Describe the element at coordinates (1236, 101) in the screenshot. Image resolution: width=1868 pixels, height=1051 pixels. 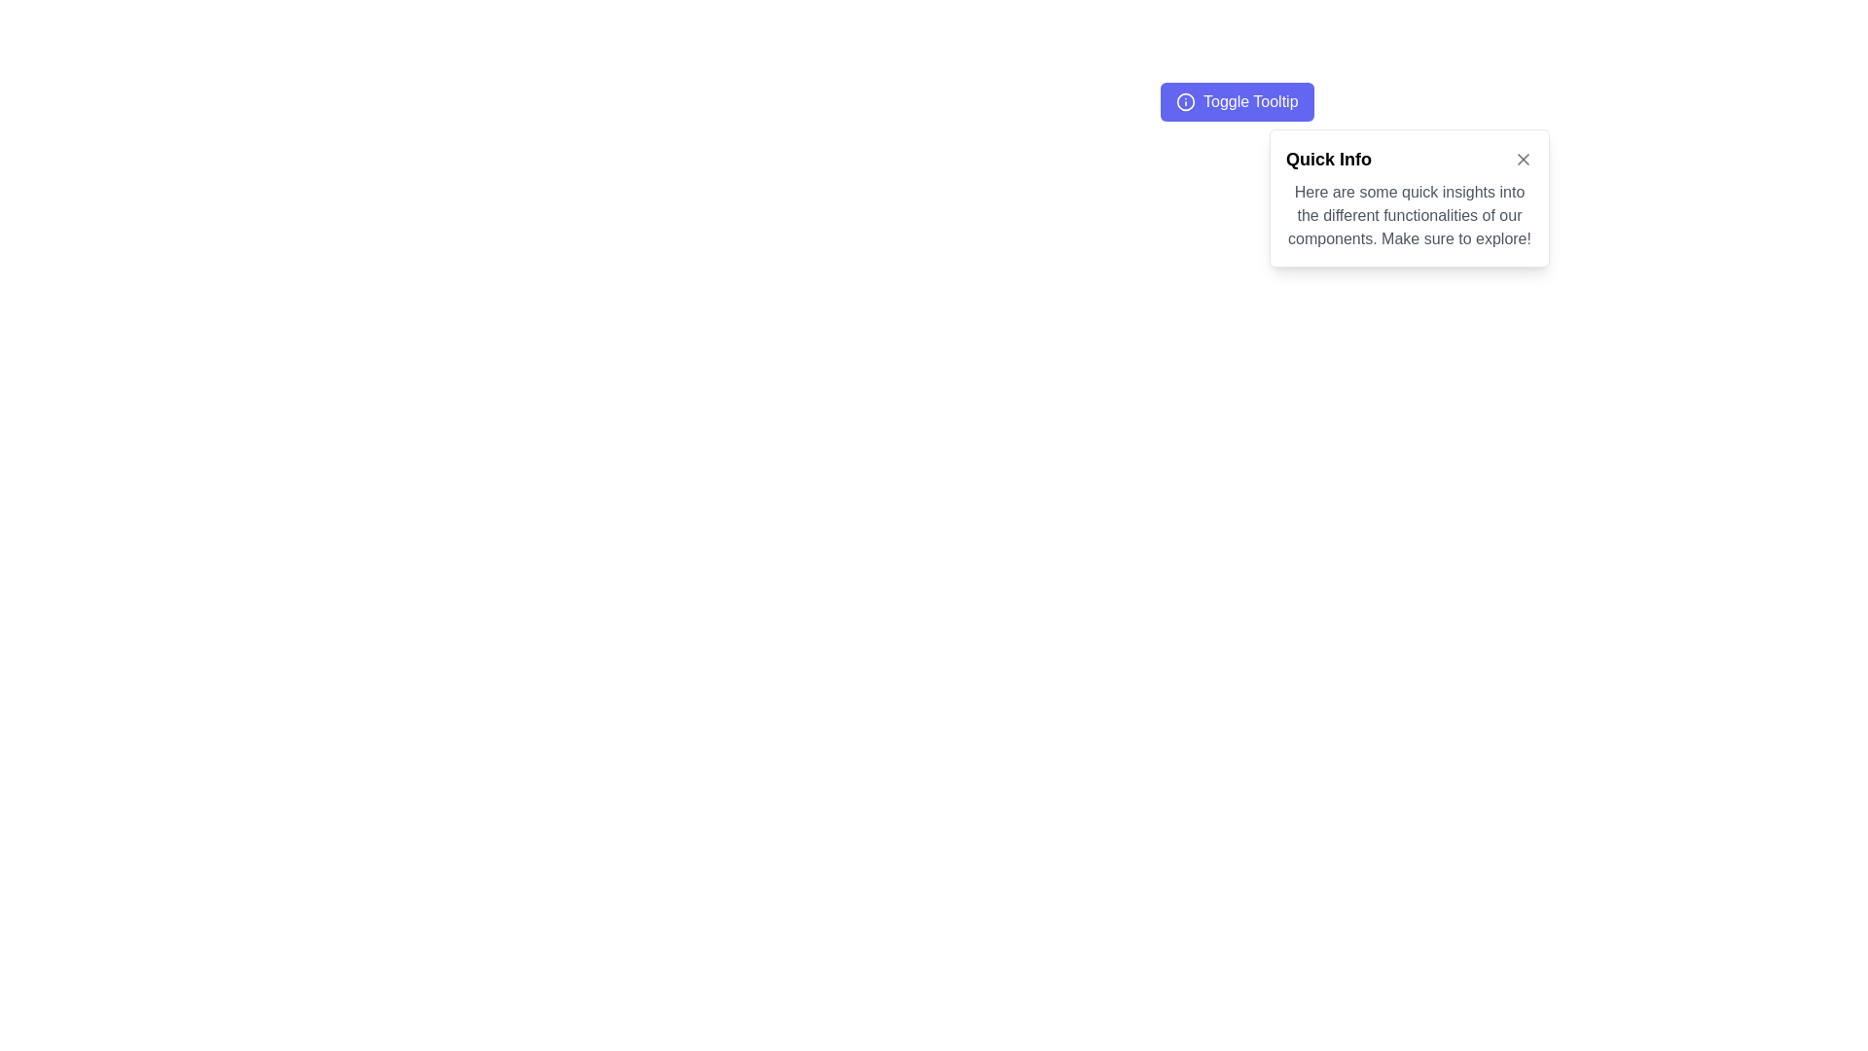
I see `the rectangular button with a blue background labeled 'Toggle Tooltip'` at that location.